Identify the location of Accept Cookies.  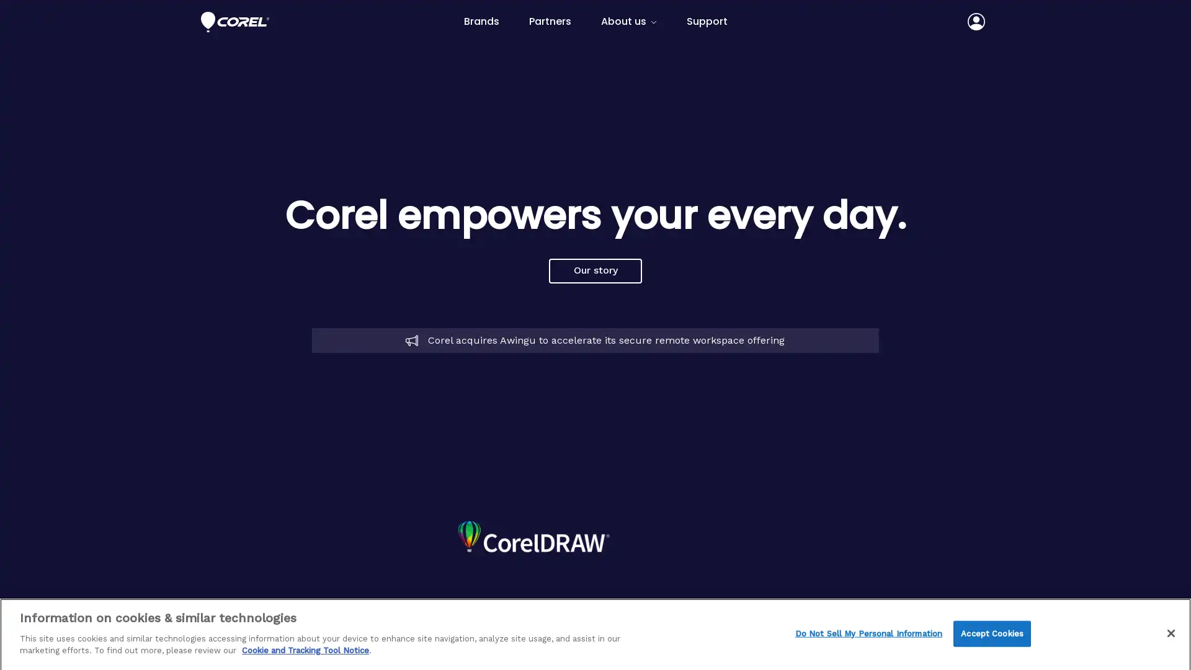
(991, 632).